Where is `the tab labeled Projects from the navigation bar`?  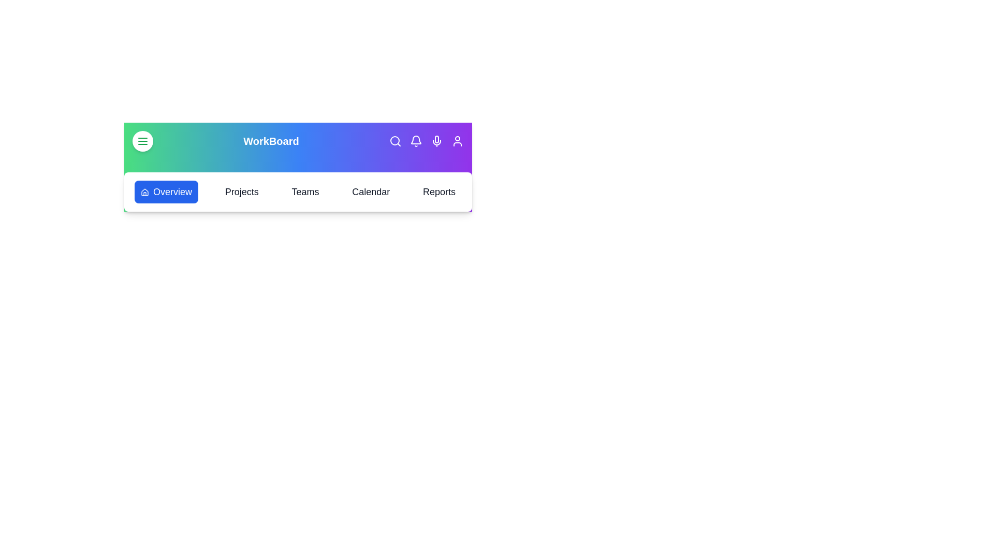 the tab labeled Projects from the navigation bar is located at coordinates (241, 192).